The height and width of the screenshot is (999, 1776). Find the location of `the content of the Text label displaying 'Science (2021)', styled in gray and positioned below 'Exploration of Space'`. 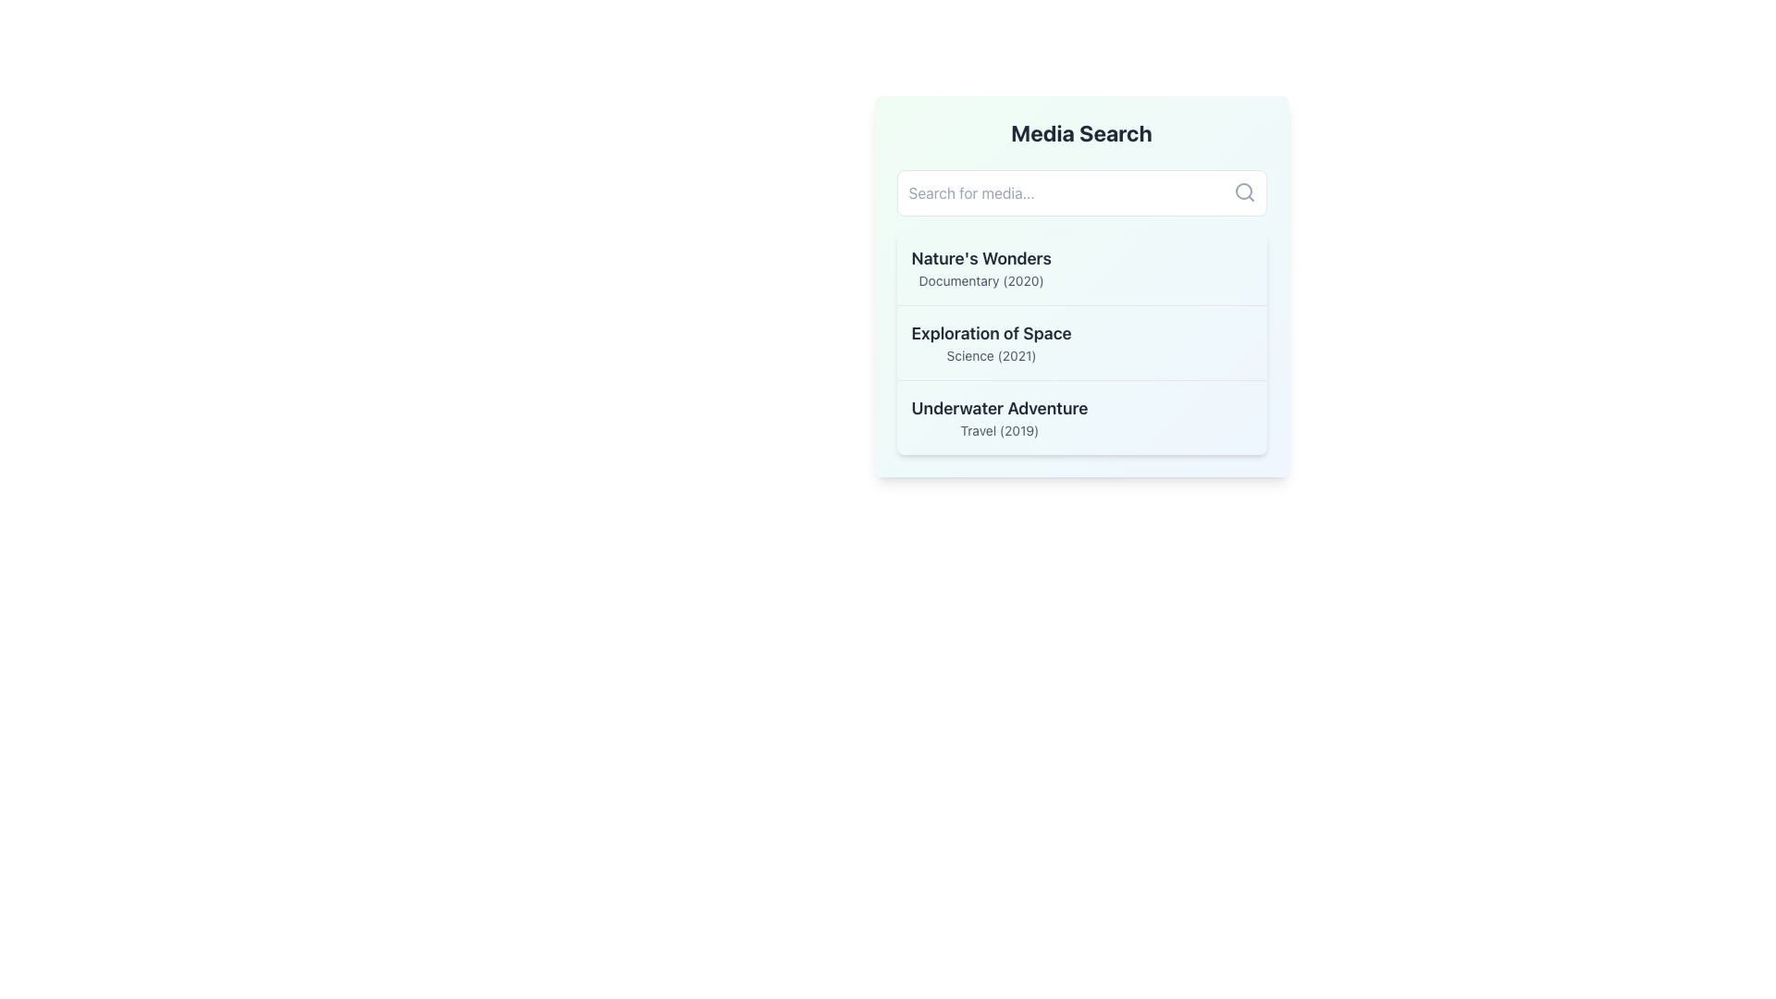

the content of the Text label displaying 'Science (2021)', styled in gray and positioned below 'Exploration of Space' is located at coordinates (991, 356).